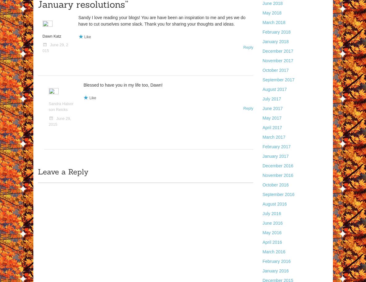 The width and height of the screenshot is (366, 282). What do you see at coordinates (262, 252) in the screenshot?
I see `'March 2016'` at bounding box center [262, 252].